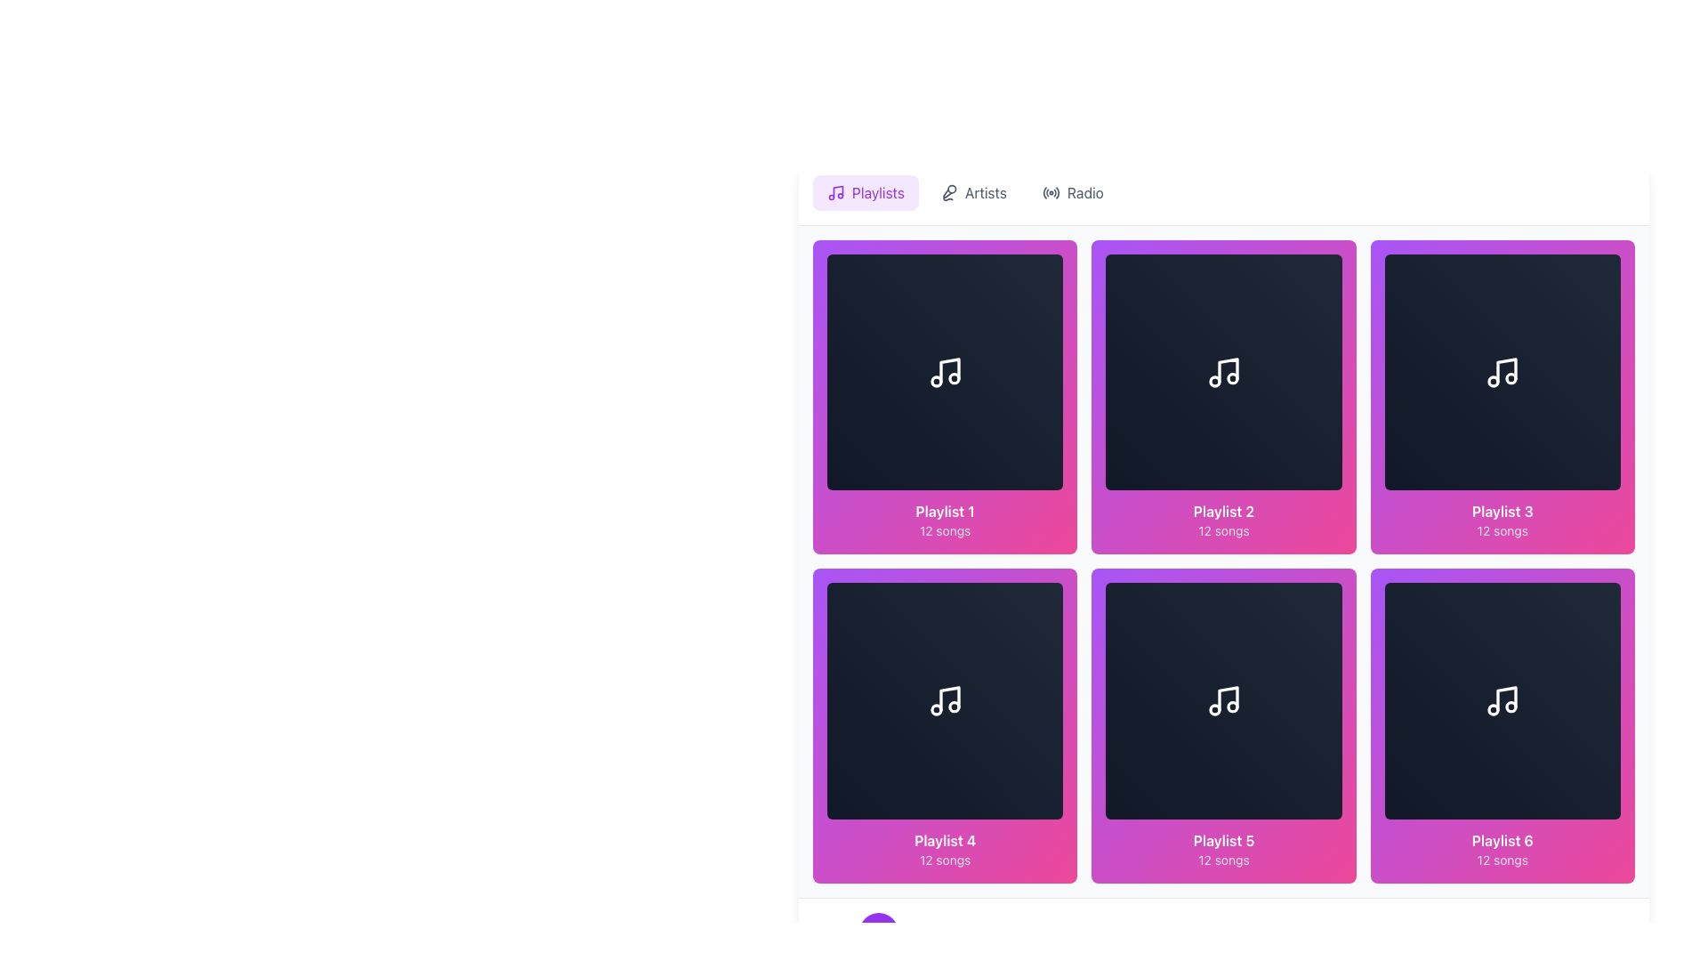 Image resolution: width=1708 pixels, height=961 pixels. Describe the element at coordinates (1592, 930) in the screenshot. I see `the progress bar located near the bottom right of the interface, which is a horizontally elongated rectangle with rounded edges and a purple segment indicating progression` at that location.